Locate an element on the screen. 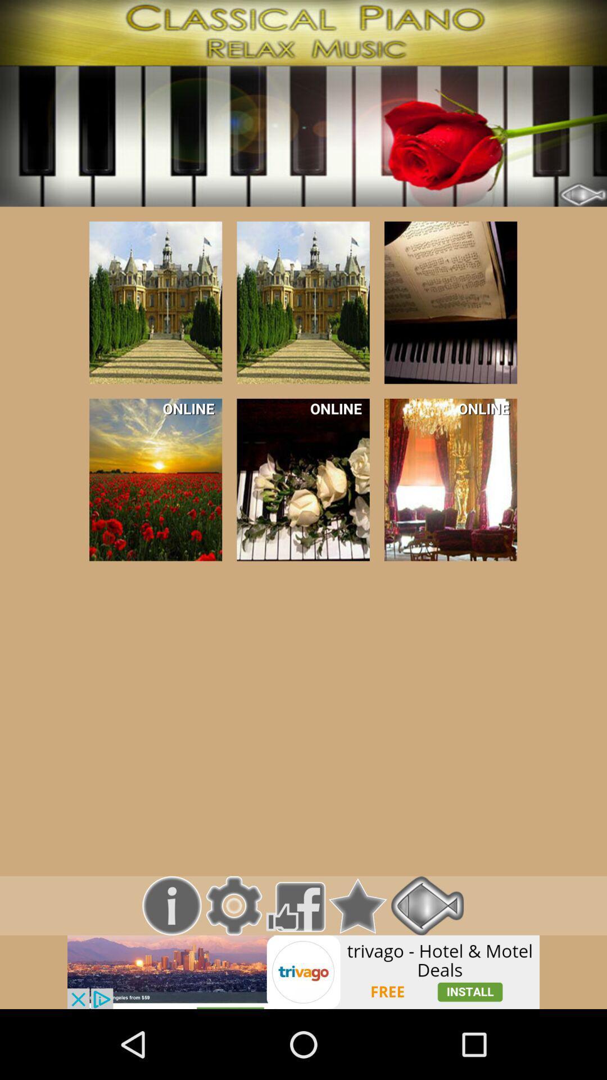  open selected item is located at coordinates (156, 303).